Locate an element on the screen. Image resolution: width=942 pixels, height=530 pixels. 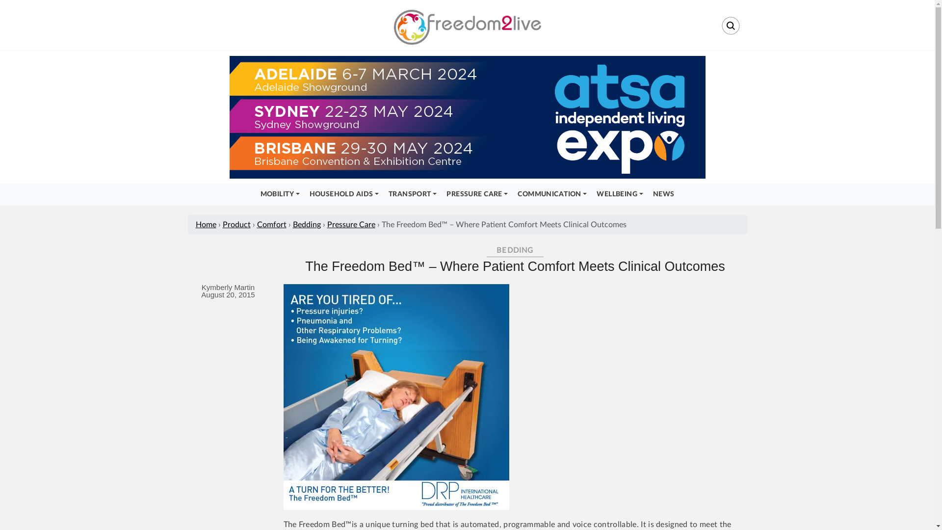
'WELLBEING' is located at coordinates (619, 194).